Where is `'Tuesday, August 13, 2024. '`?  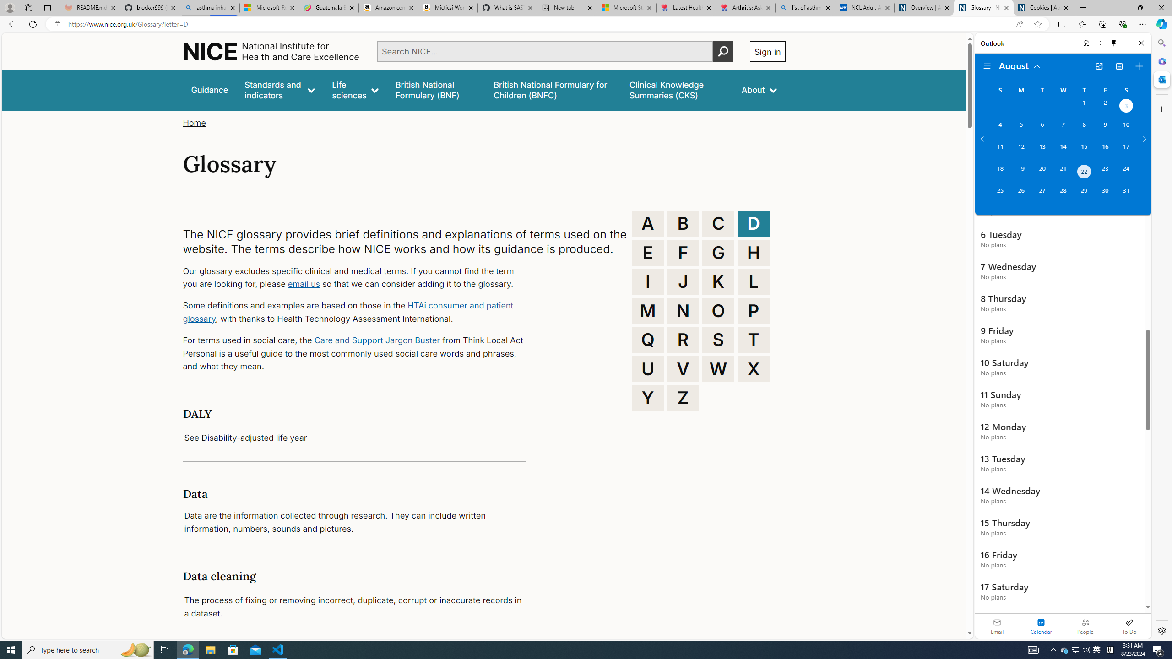
'Tuesday, August 13, 2024. ' is located at coordinates (1041, 151).